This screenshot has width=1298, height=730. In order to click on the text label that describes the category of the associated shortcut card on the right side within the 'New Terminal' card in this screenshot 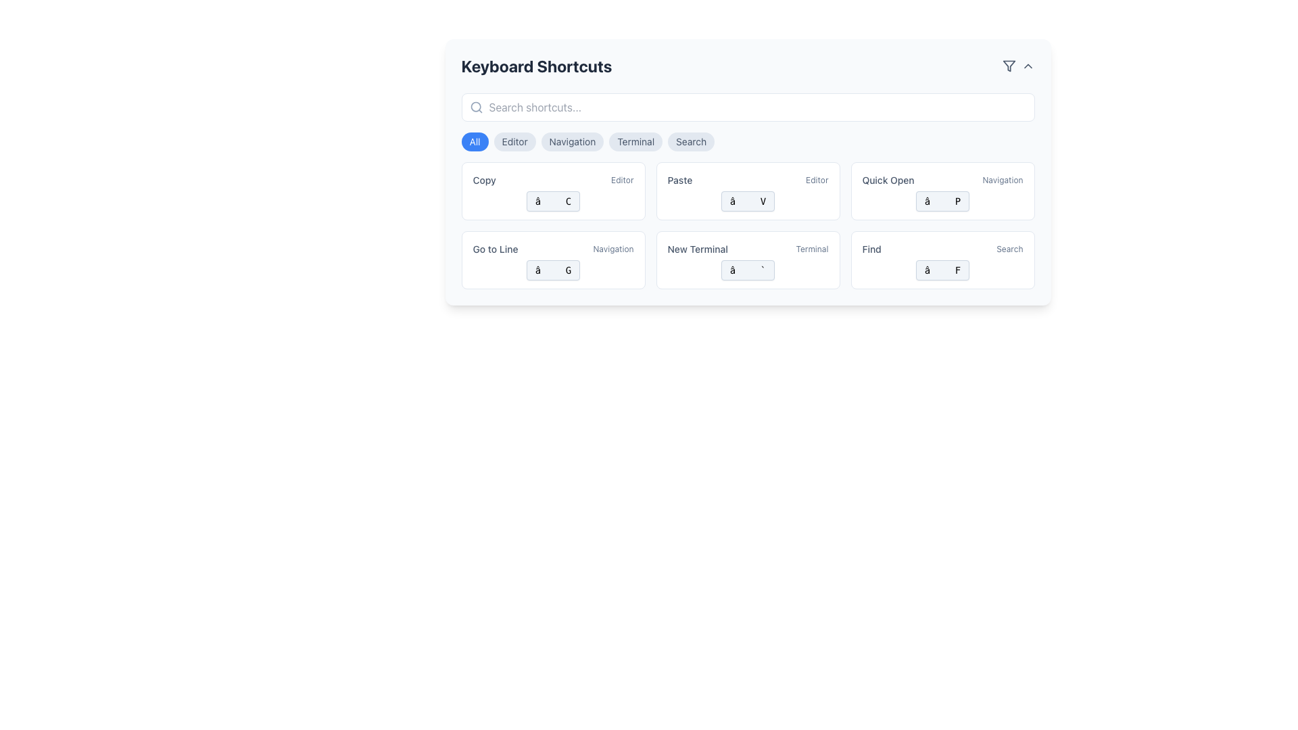, I will do `click(811, 249)`.